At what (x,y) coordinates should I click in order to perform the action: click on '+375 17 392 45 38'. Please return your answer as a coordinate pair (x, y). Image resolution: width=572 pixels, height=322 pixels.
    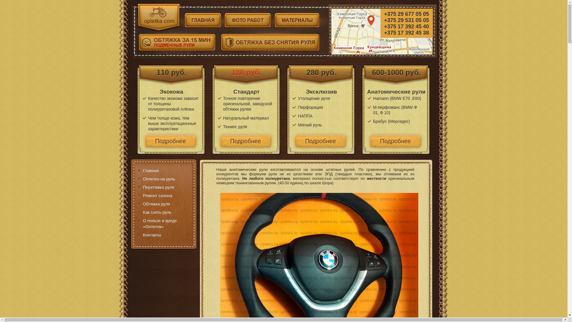
    Looking at the image, I should click on (406, 33).